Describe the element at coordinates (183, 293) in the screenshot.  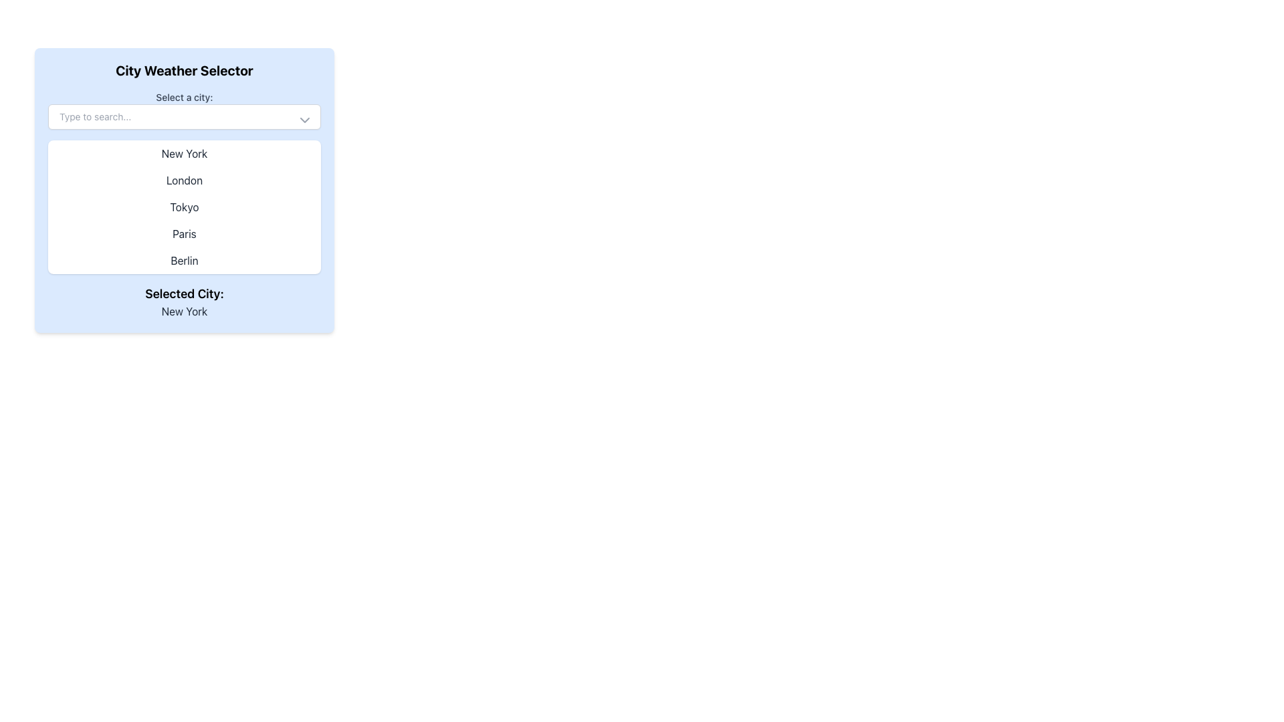
I see `the label that displays 'Selected City:' in bold black text on a light-blue background, located above the text 'New York.'` at that location.